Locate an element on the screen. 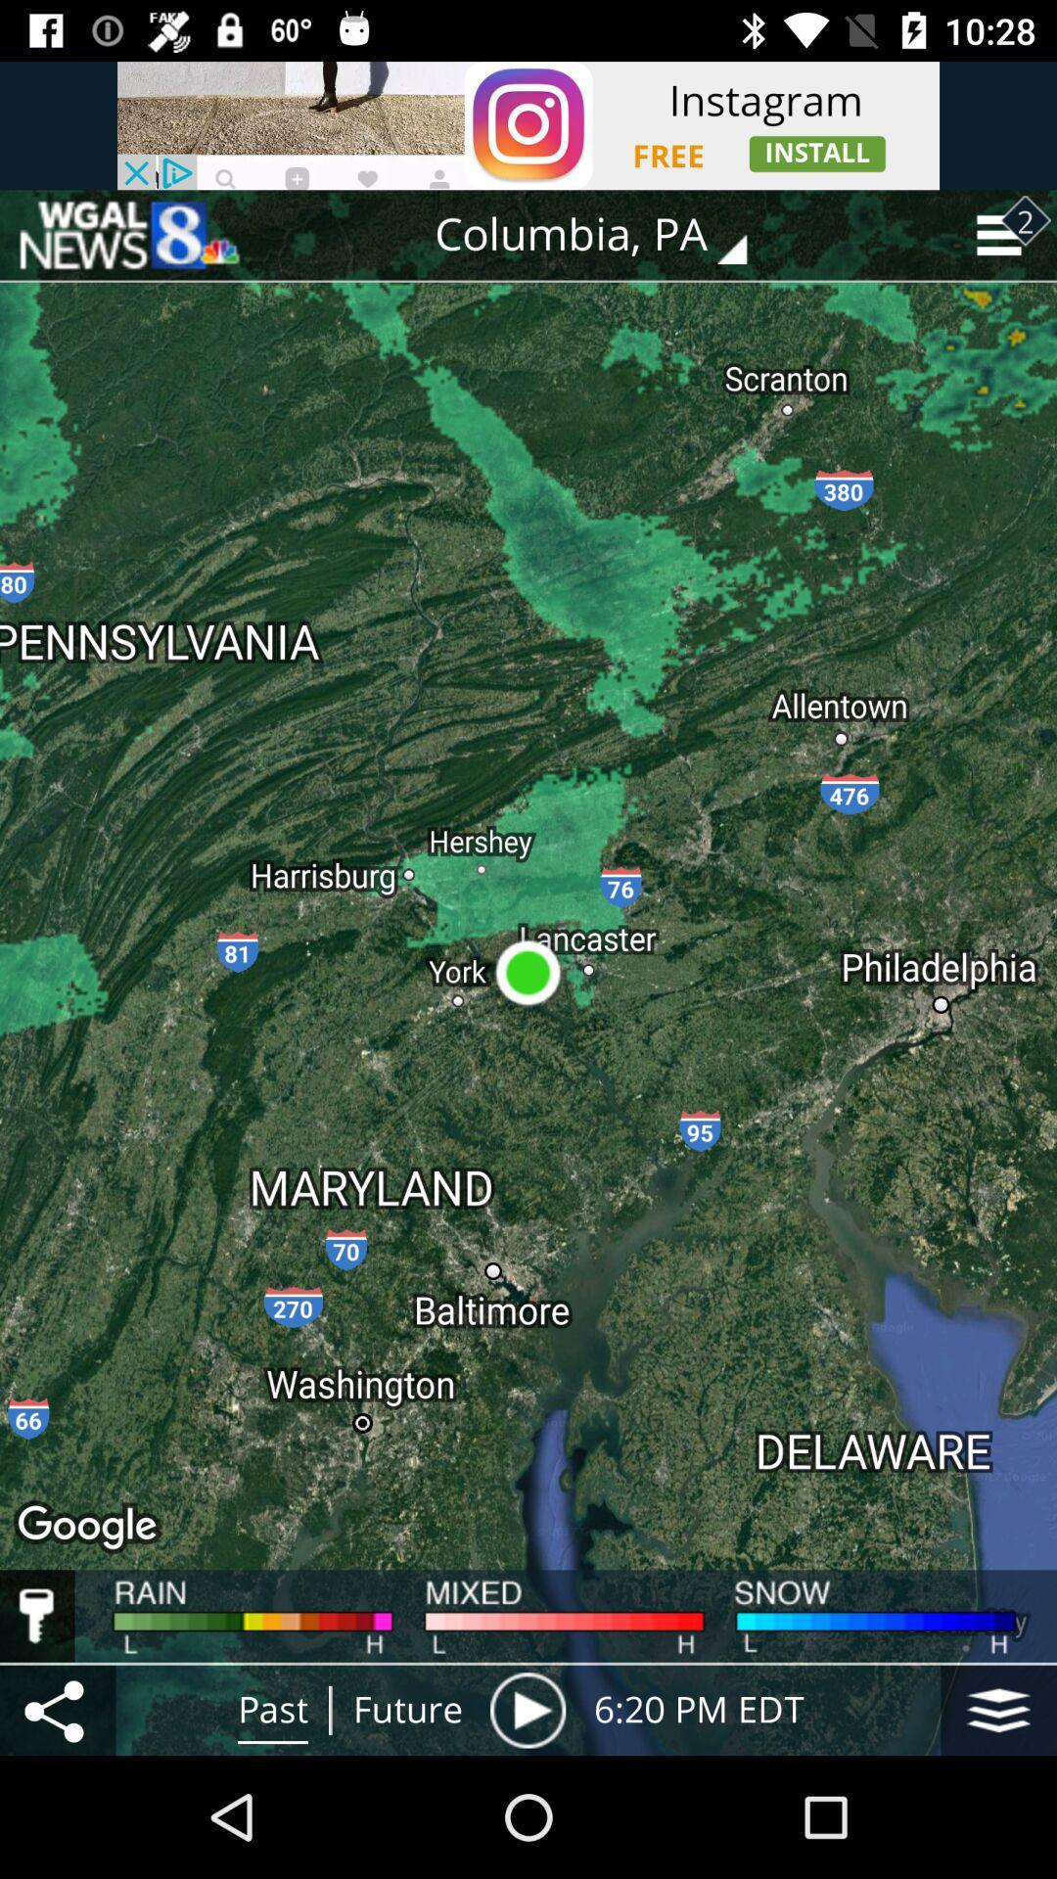  click on advertisement is located at coordinates (528, 124).